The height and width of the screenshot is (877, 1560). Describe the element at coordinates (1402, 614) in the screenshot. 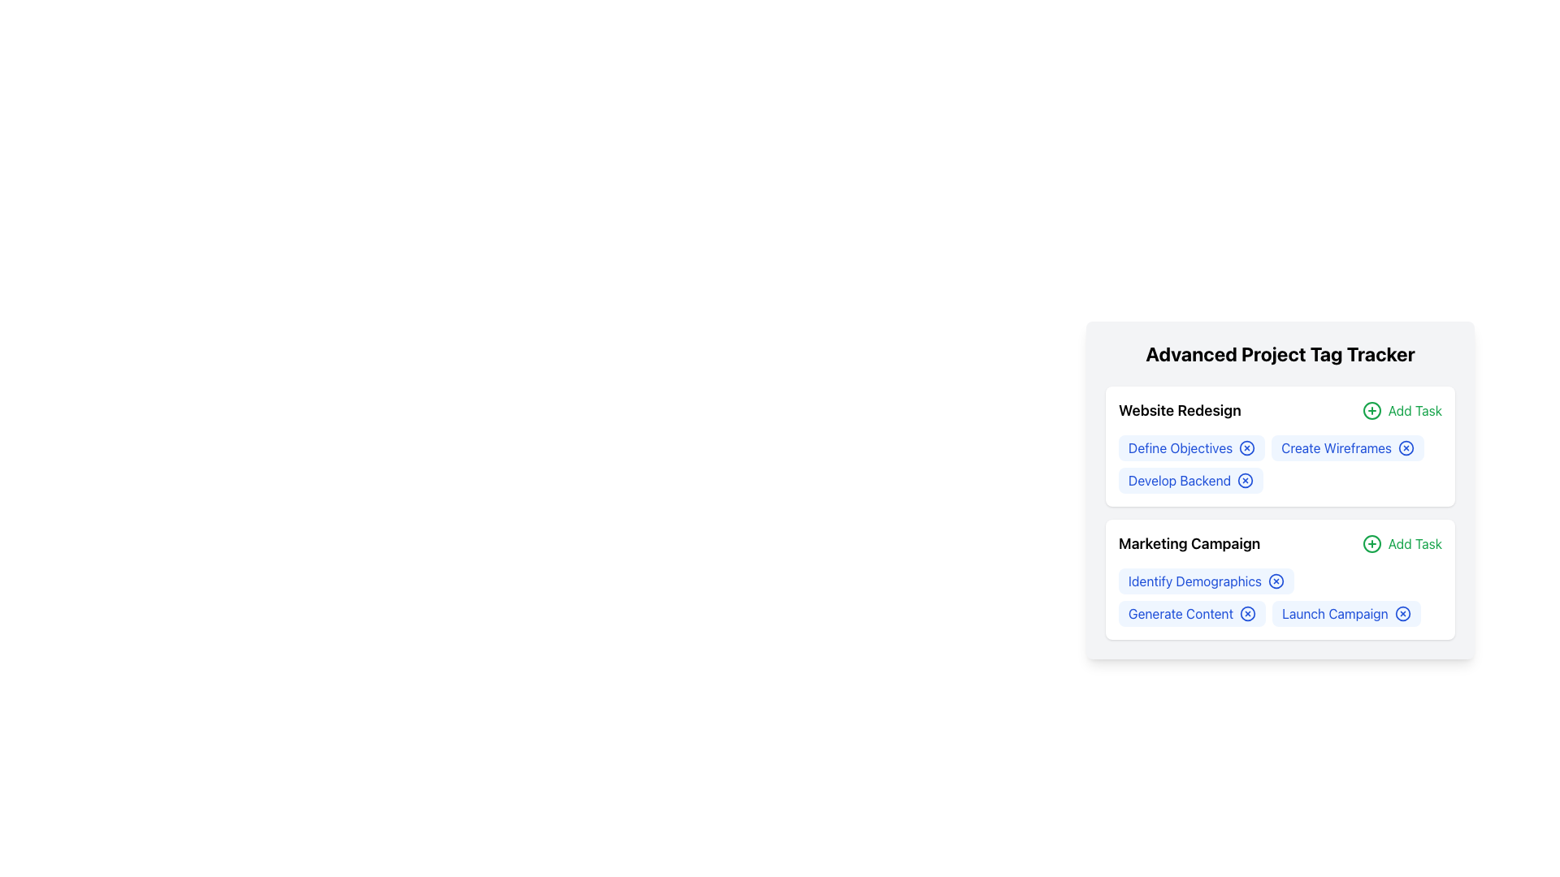

I see `the circular close button located at the bottom right of the 'Marketing Campaign' card` at that location.